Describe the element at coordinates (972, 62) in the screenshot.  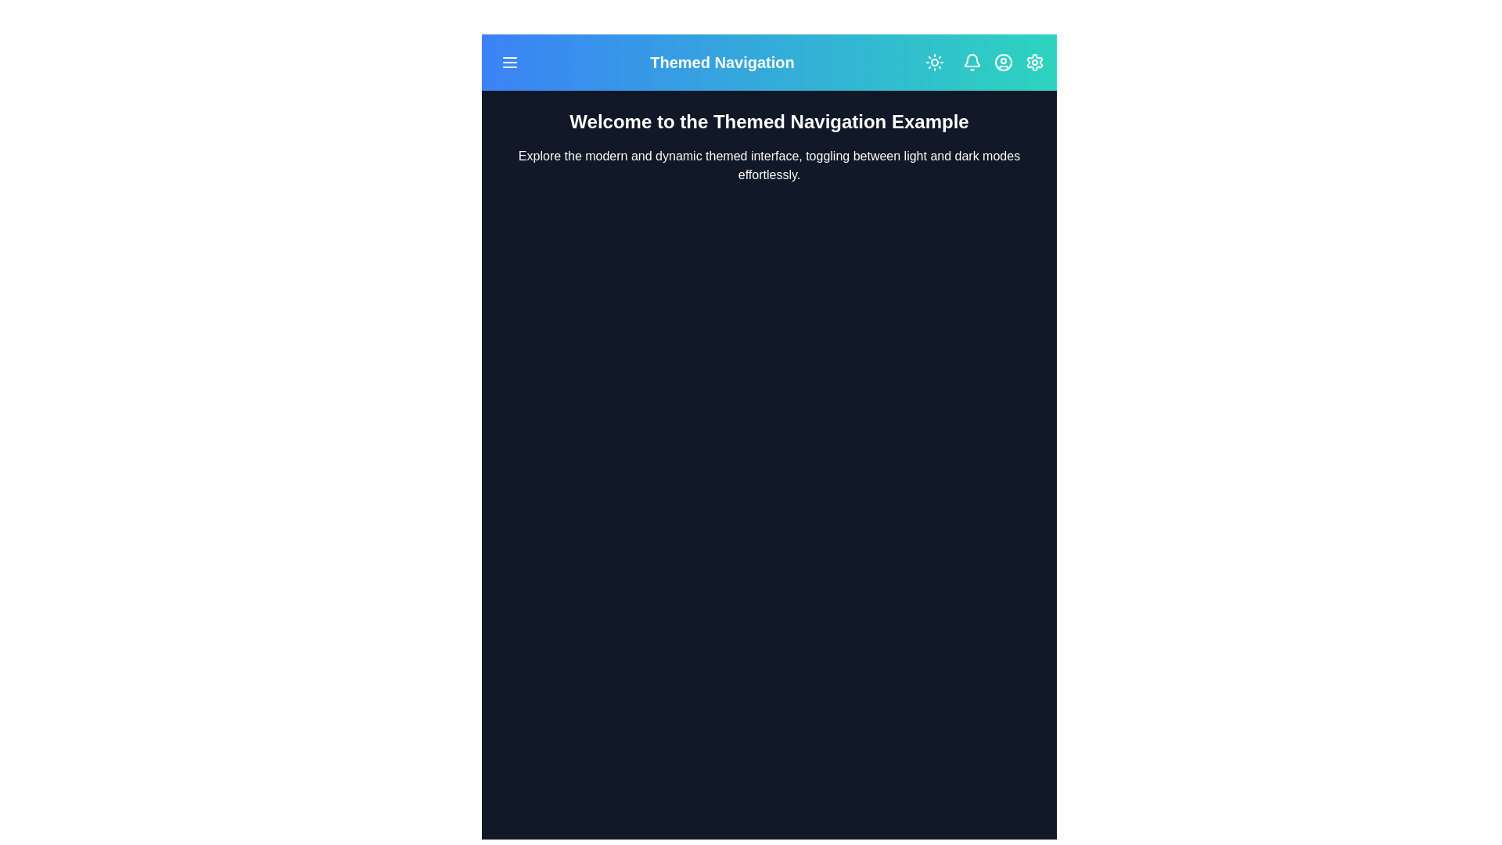
I see `the notification bell icon to interact with it` at that location.